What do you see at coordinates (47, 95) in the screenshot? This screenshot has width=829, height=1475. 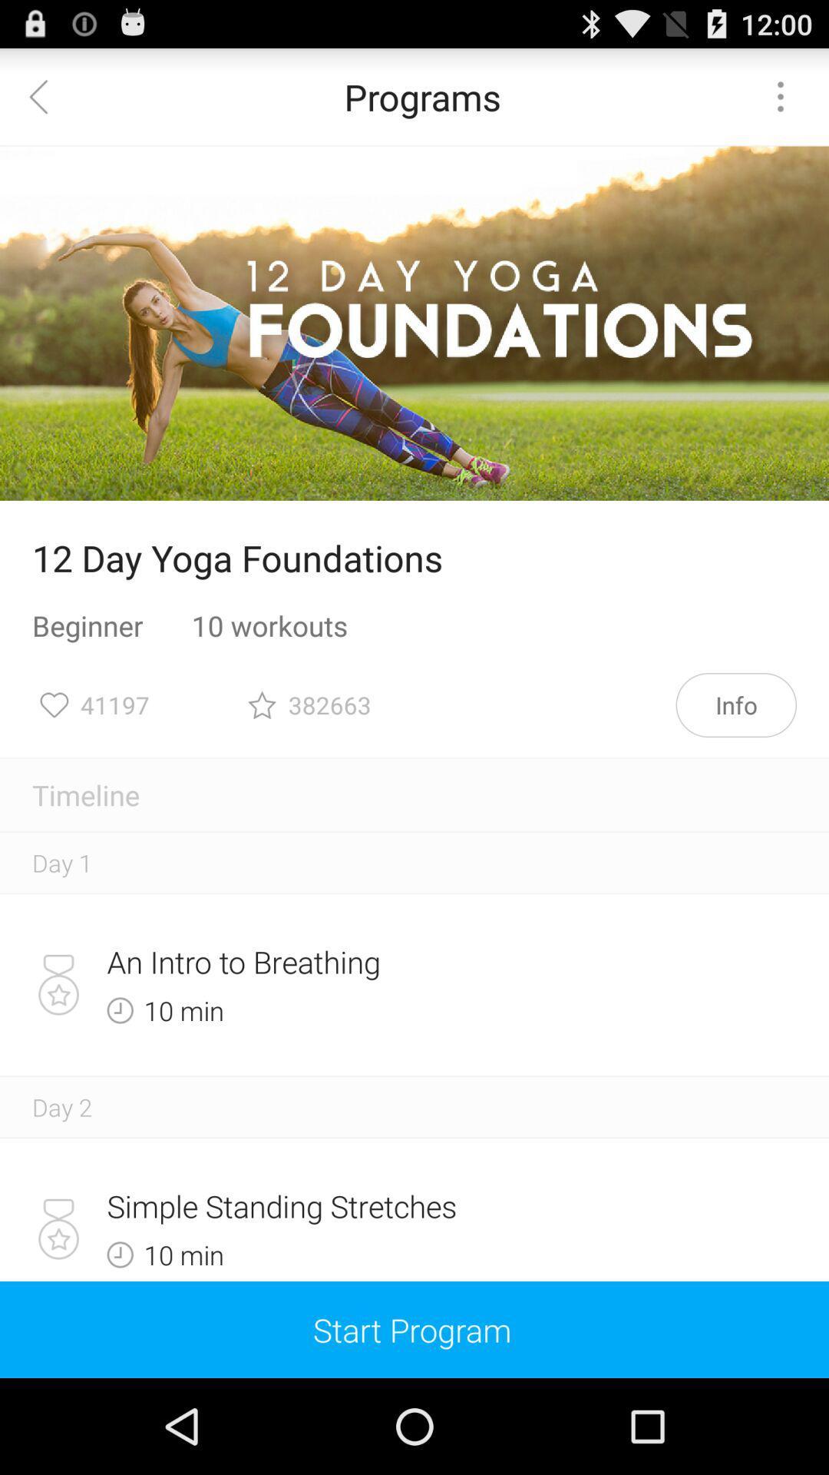 I see `go back` at bounding box center [47, 95].